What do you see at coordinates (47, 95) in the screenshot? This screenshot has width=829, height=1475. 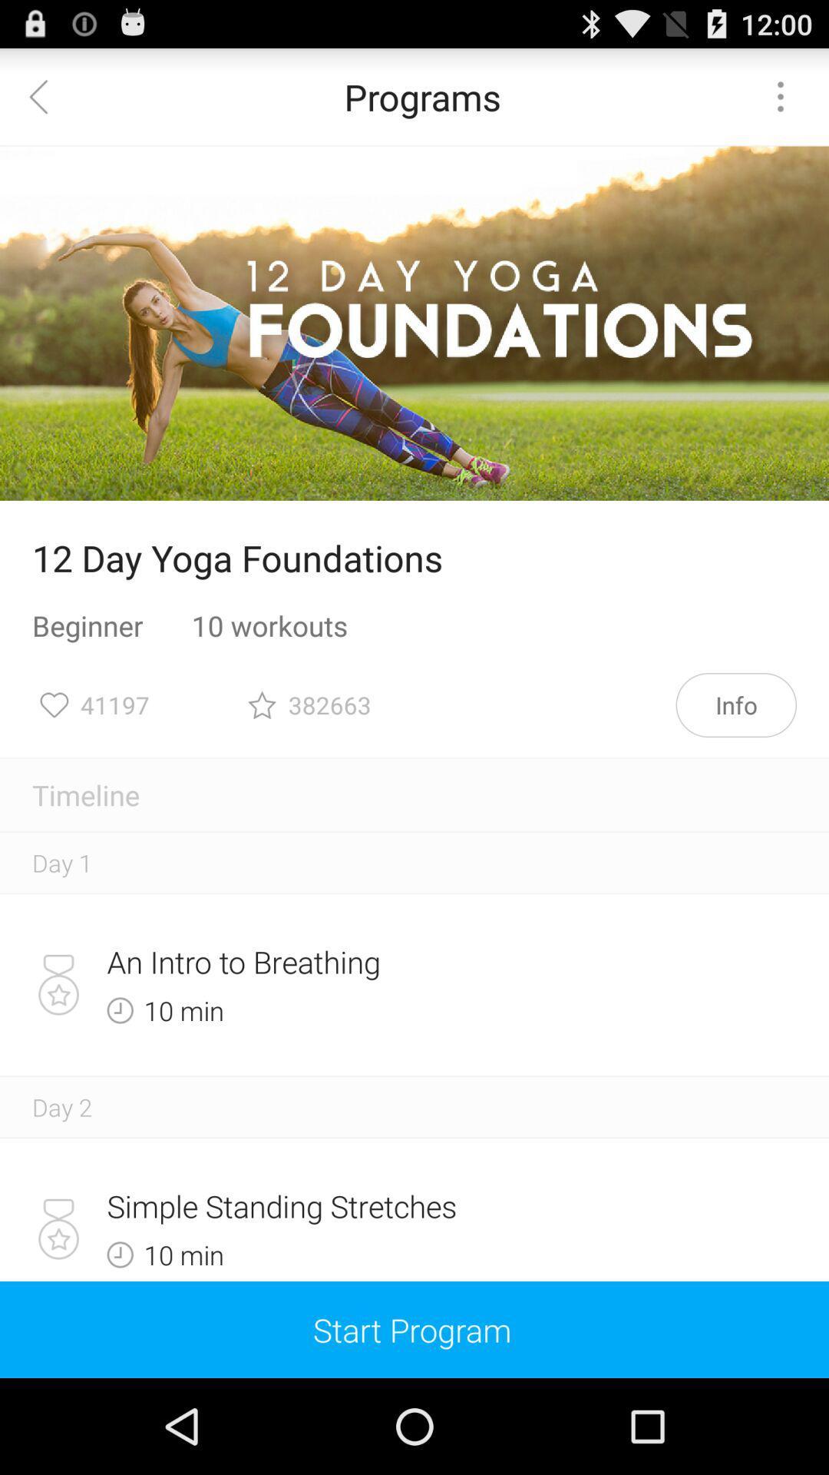 I see `go back` at bounding box center [47, 95].